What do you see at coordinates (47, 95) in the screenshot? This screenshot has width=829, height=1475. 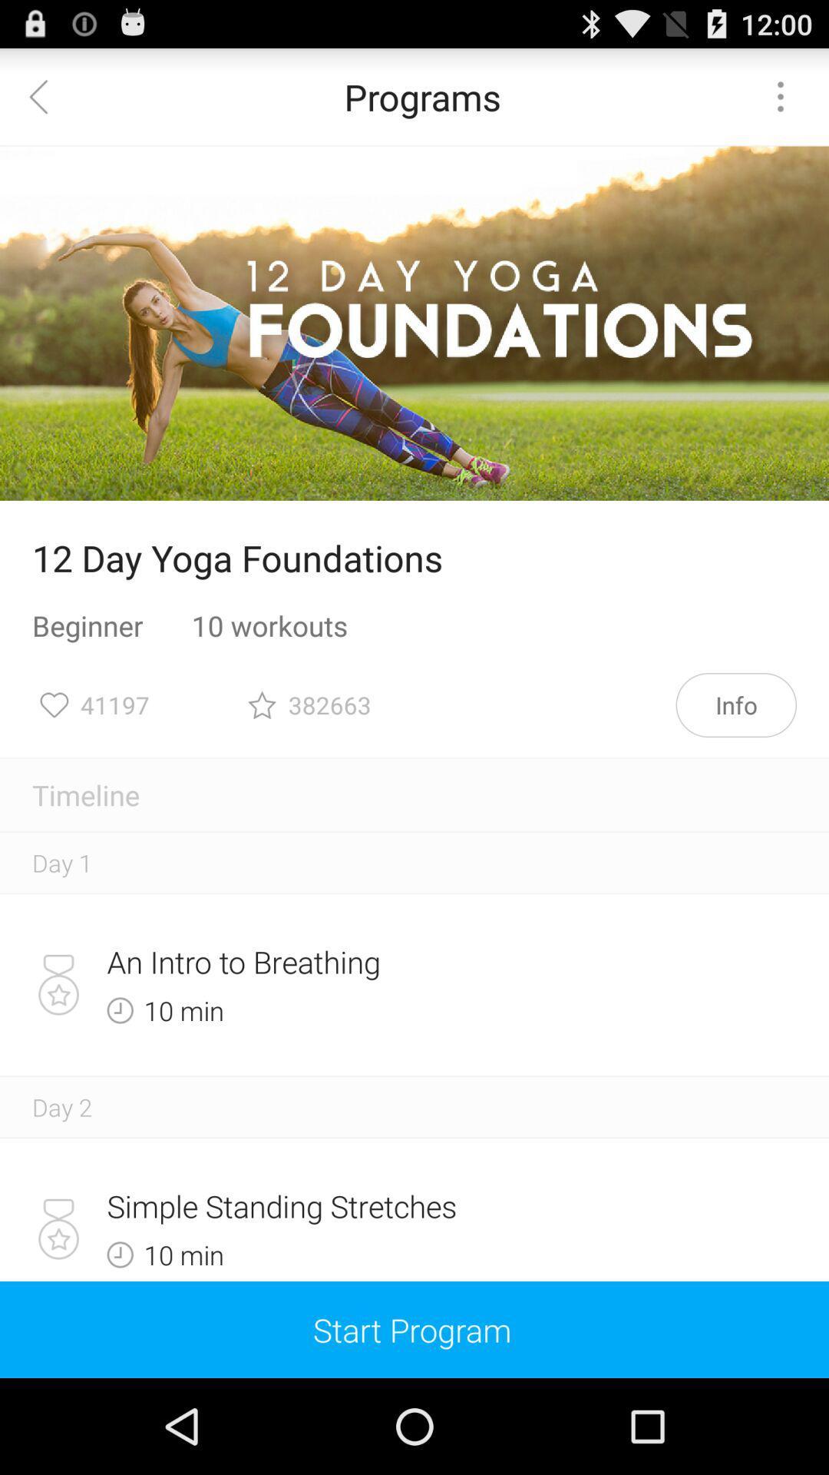 I see `go back` at bounding box center [47, 95].